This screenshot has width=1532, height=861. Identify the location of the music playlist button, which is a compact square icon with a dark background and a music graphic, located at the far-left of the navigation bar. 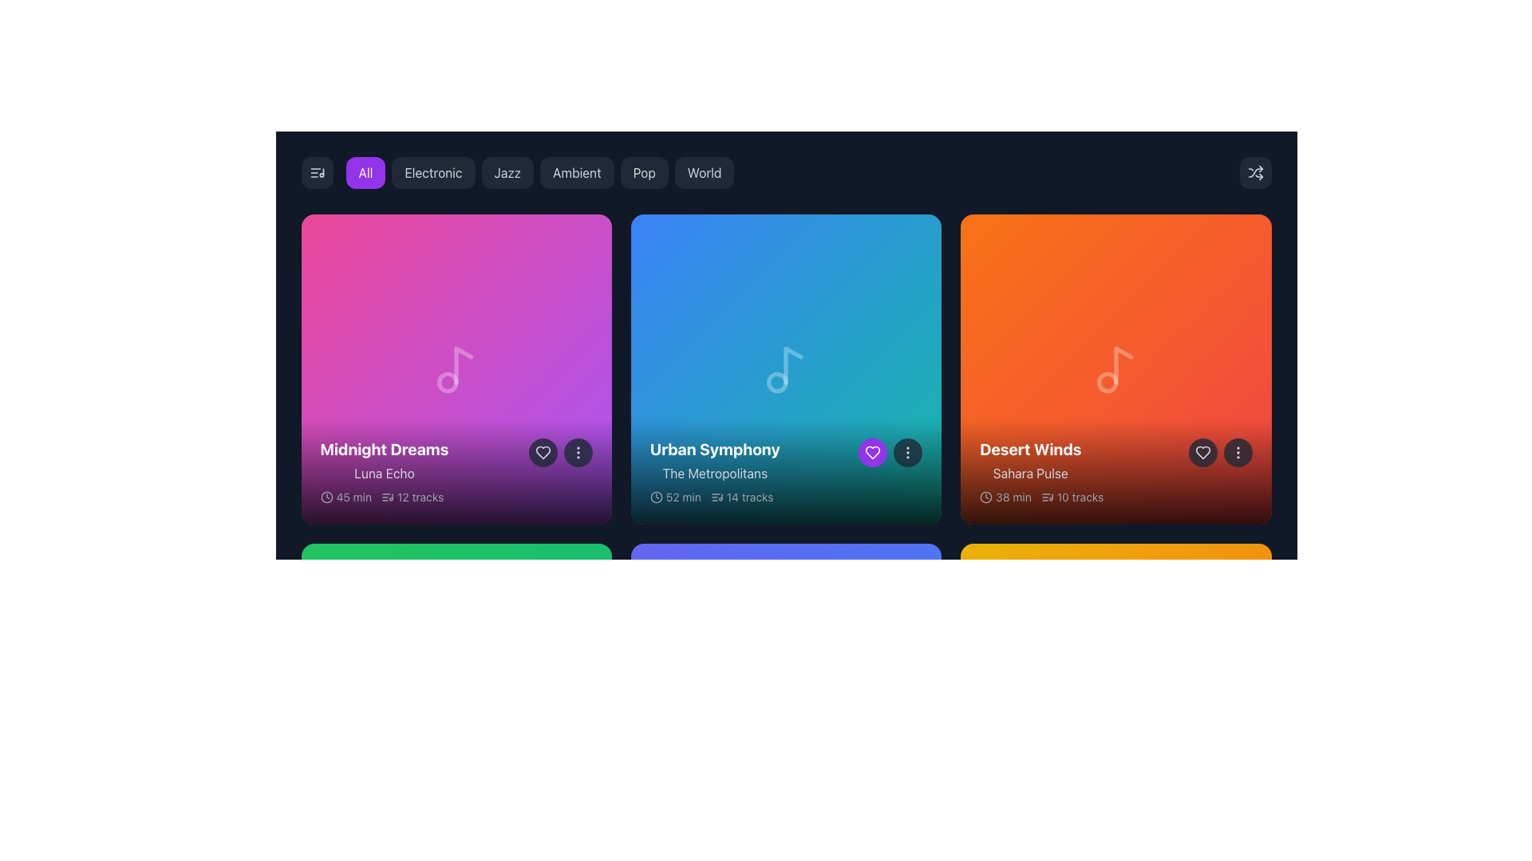
(317, 172).